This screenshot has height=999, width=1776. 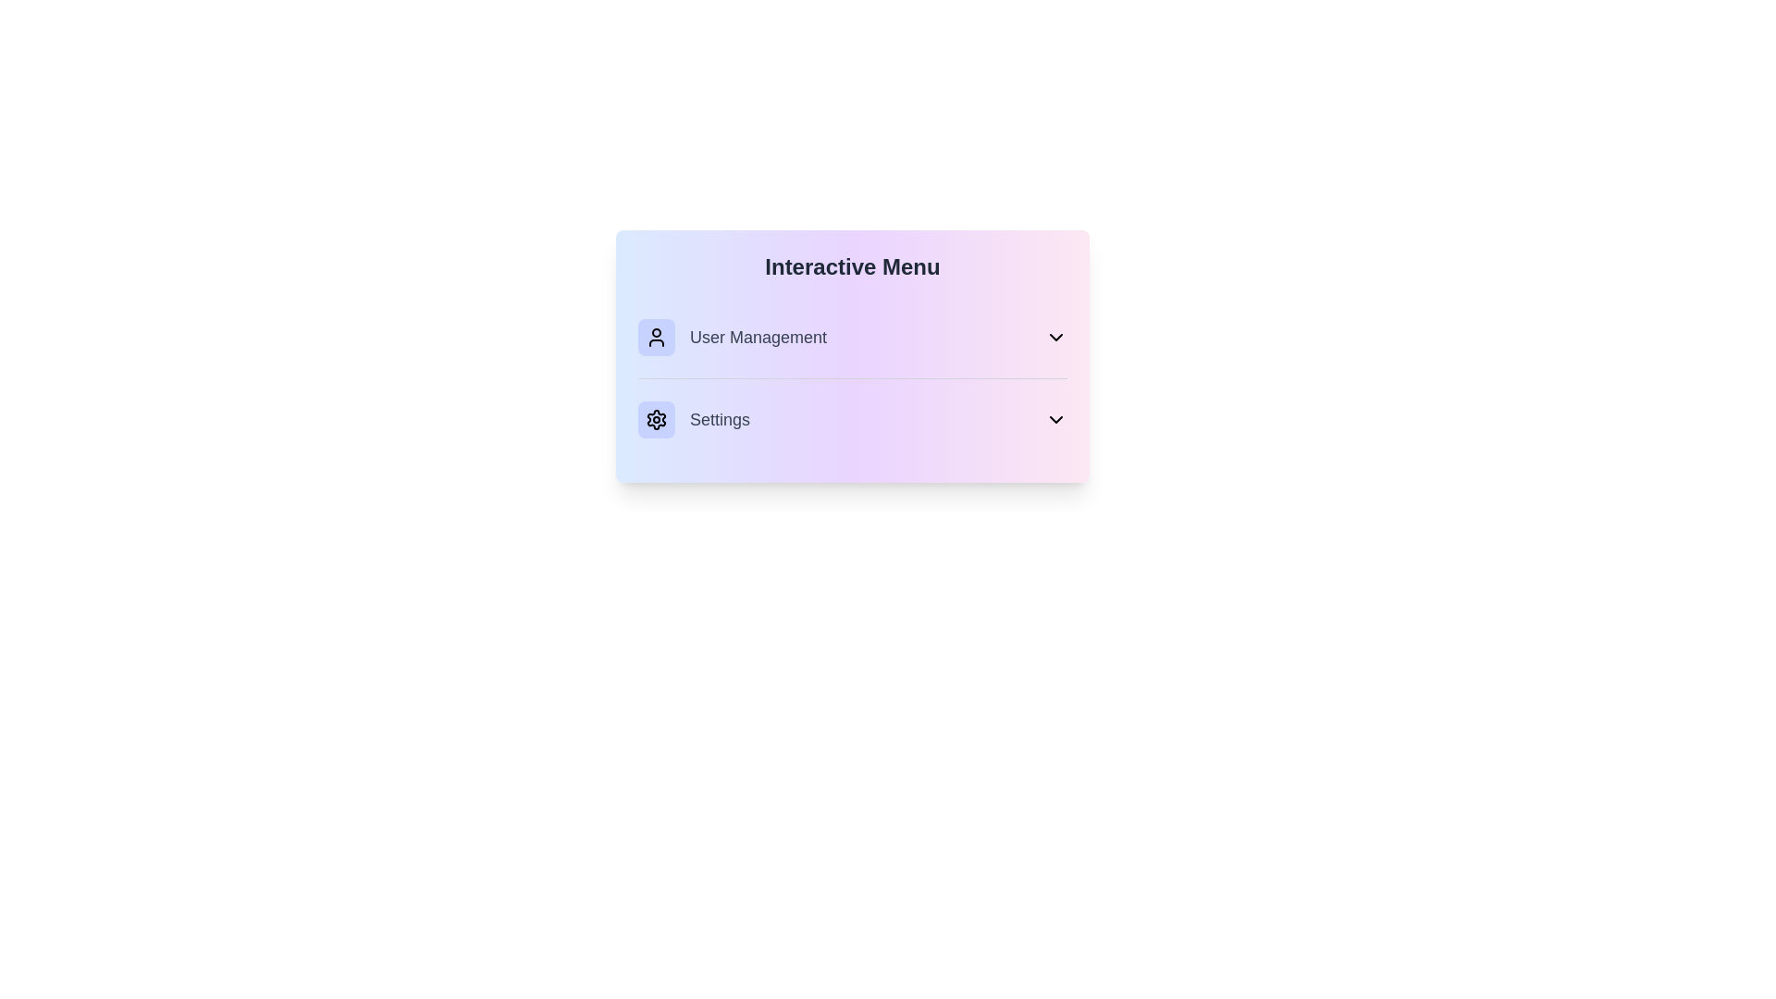 I want to click on the icon of the menu item User Management, so click(x=657, y=338).